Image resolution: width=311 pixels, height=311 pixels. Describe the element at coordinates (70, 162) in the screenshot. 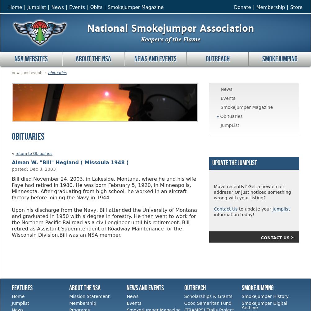

I see `'Alman W. "Bill" Hegland ( Missoula 1948 )'` at that location.